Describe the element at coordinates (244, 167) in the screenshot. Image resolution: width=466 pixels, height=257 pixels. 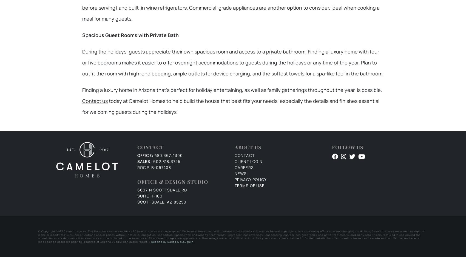
I see `'Careers'` at that location.